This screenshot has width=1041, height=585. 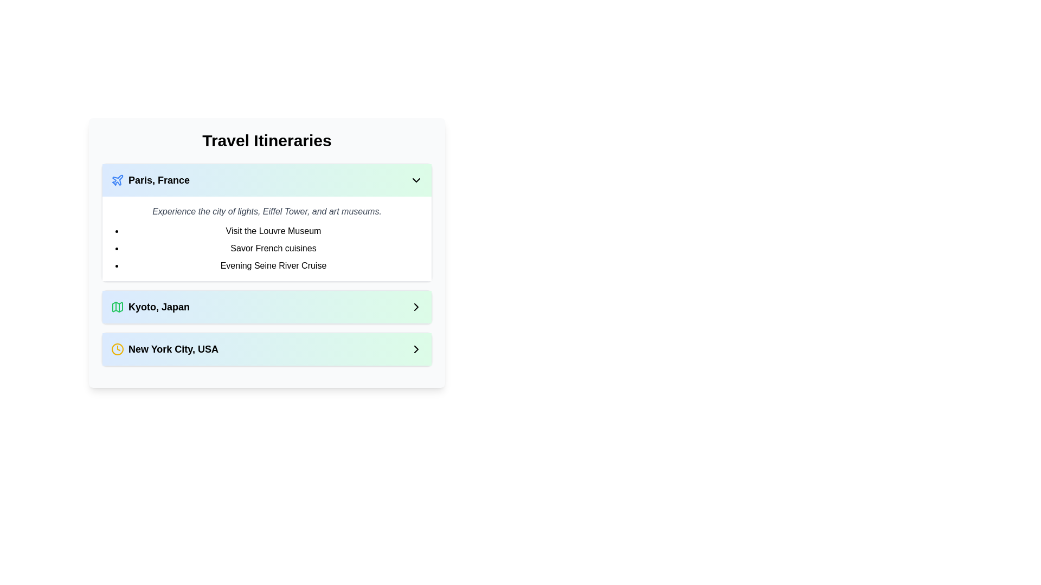 I want to click on the right-chevron icon located to the far-right end of the 'New York City, USA' row, so click(x=416, y=349).